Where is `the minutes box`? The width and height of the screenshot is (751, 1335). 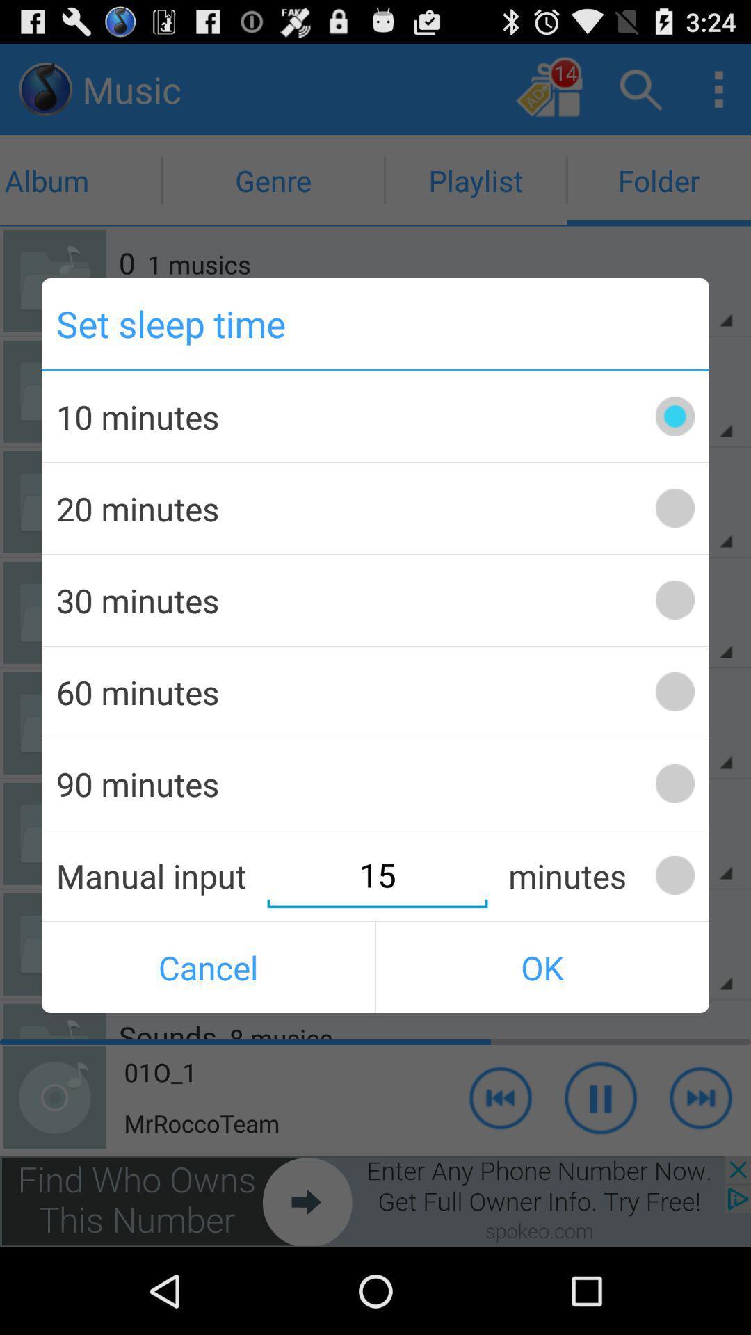
the minutes box is located at coordinates (674, 875).